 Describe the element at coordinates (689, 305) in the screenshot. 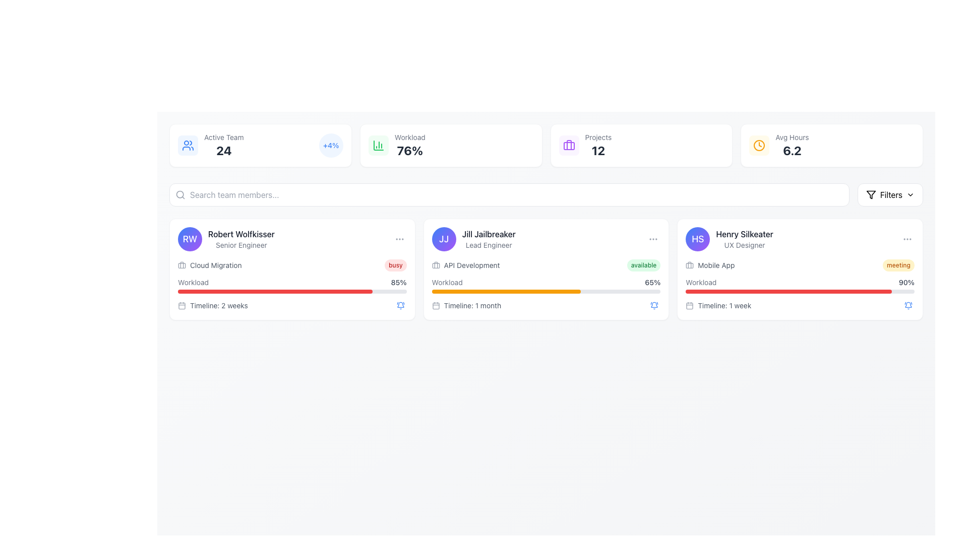

I see `the decorative SVG graphic resembling a calendar icon associated with 'Henry Silkeater' in the bottom row of cards` at that location.